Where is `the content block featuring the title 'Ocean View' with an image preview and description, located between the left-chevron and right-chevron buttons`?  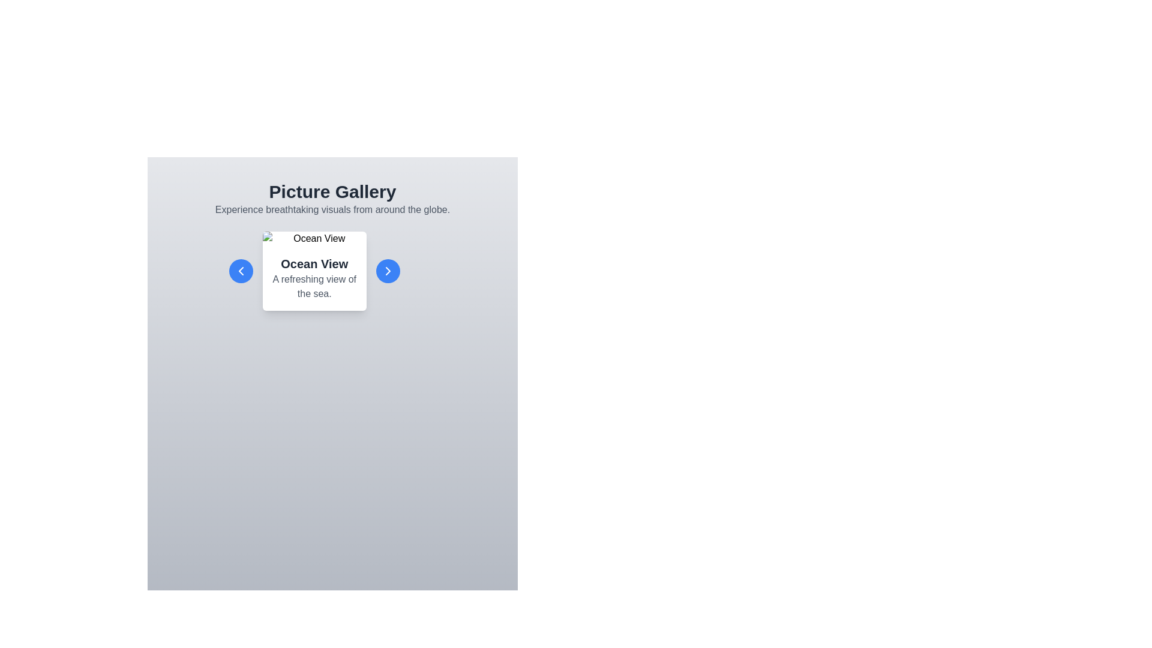 the content block featuring the title 'Ocean View' with an image preview and description, located between the left-chevron and right-chevron buttons is located at coordinates (332, 271).